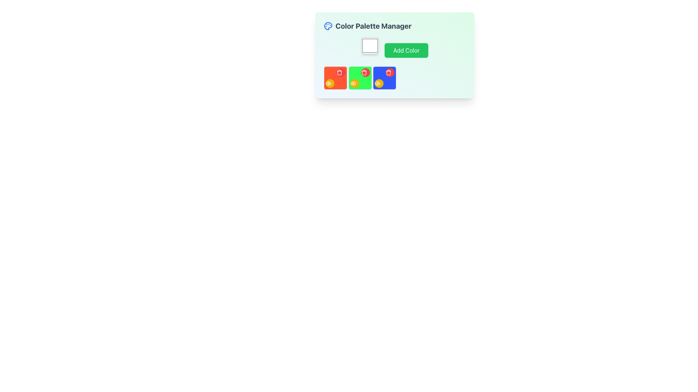 The height and width of the screenshot is (392, 698). What do you see at coordinates (379, 83) in the screenshot?
I see `the toggle button located at the bottom-left corner of the third blue square card in the color palette manager interface` at bounding box center [379, 83].